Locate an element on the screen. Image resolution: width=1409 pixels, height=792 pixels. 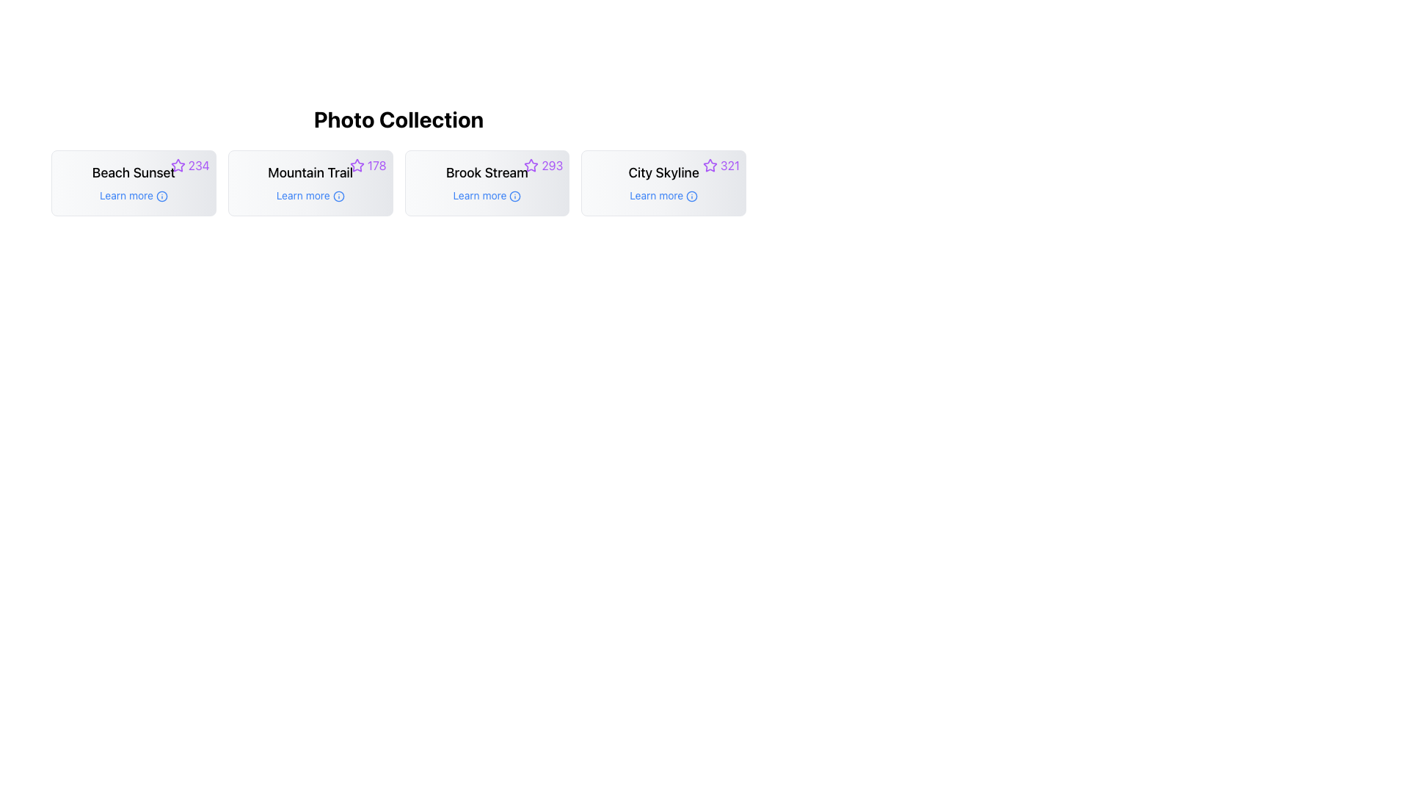
numeric value displayed in the Text Display at the top-right corner of the 'Brook Stream' card, which indicates a rating or score is located at coordinates (551, 165).